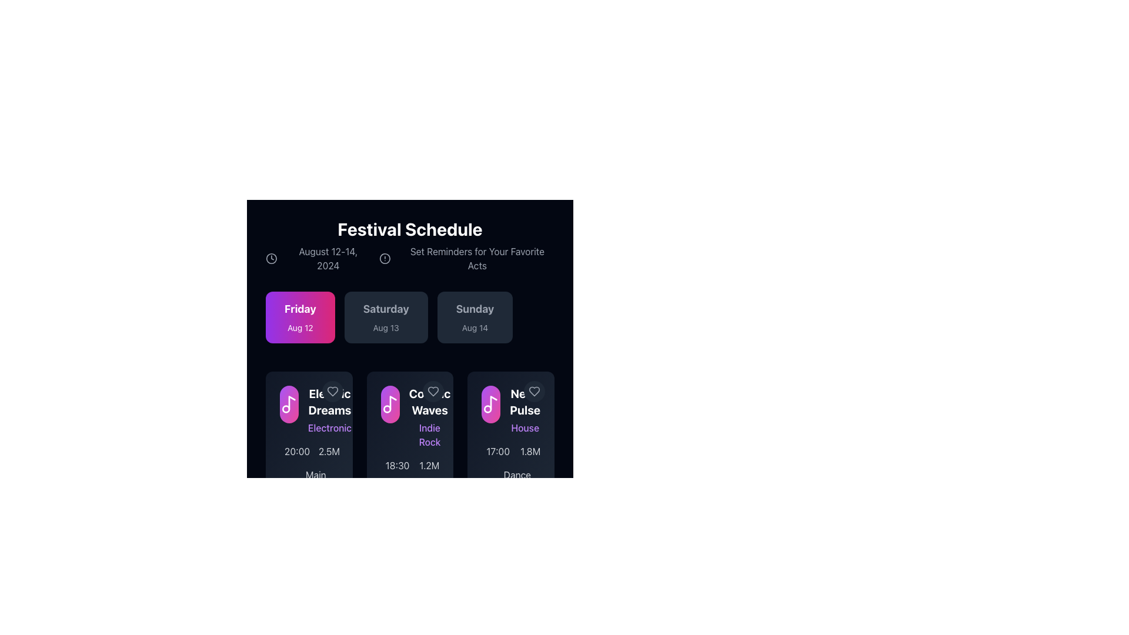 This screenshot has height=635, width=1129. What do you see at coordinates (475, 328) in the screenshot?
I see `the Text label providing additional information about the date, located below the 'Sunday' label in the date selection card` at bounding box center [475, 328].